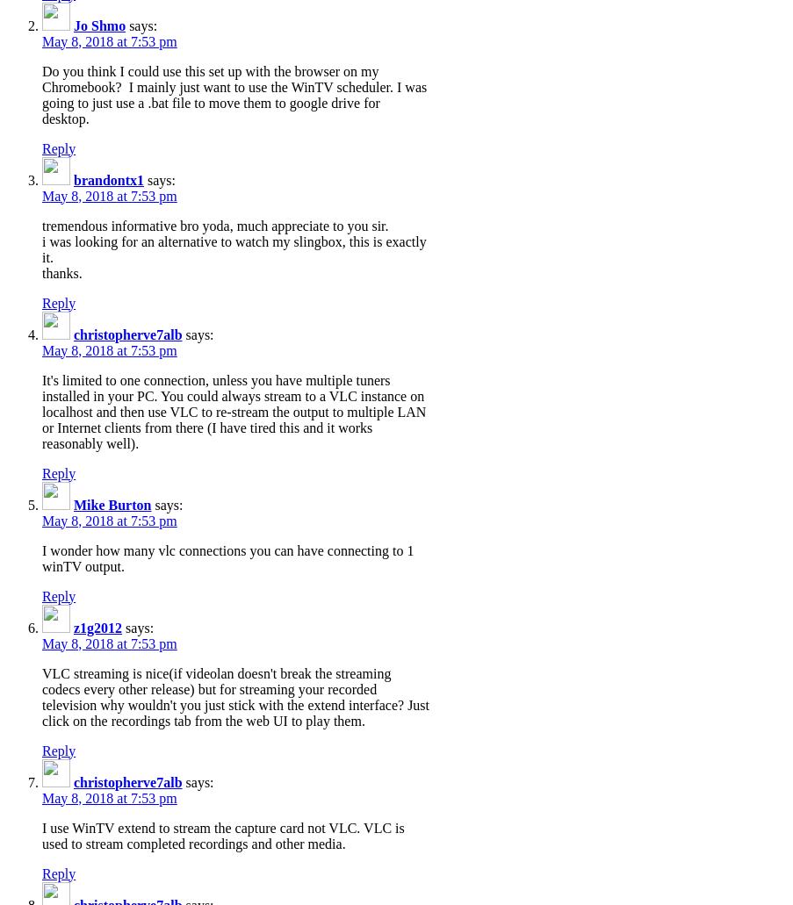 The width and height of the screenshot is (793, 905). What do you see at coordinates (41, 271) in the screenshot?
I see `'thanks.'` at bounding box center [41, 271].